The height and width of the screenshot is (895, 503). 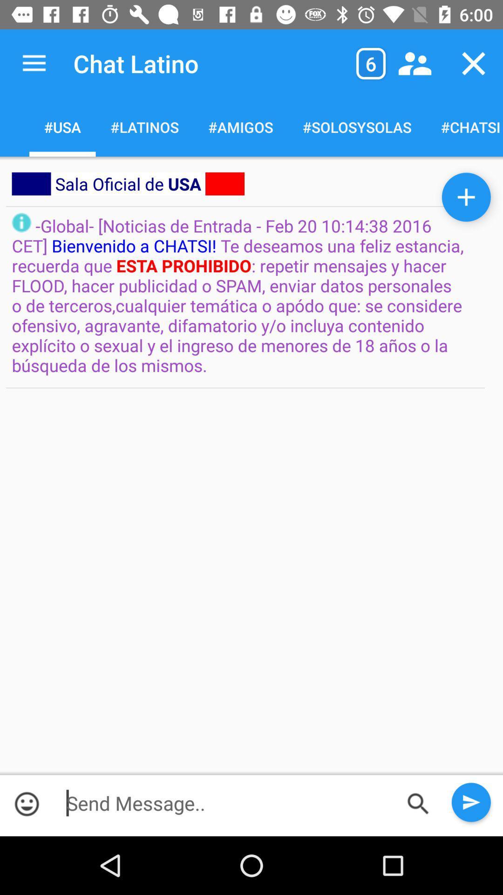 I want to click on 6, so click(x=370, y=63).